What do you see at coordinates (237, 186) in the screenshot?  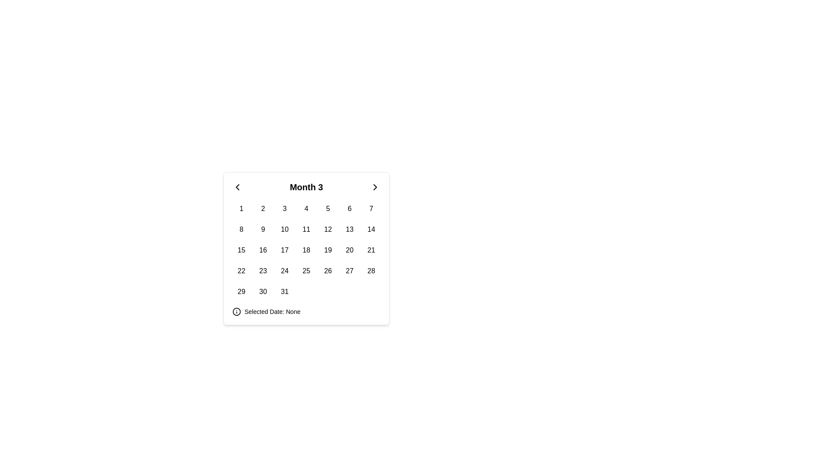 I see `the navigational button that allows users to navigate to the previous month, positioned to the left of 'Month 3' in the calendar header` at bounding box center [237, 186].